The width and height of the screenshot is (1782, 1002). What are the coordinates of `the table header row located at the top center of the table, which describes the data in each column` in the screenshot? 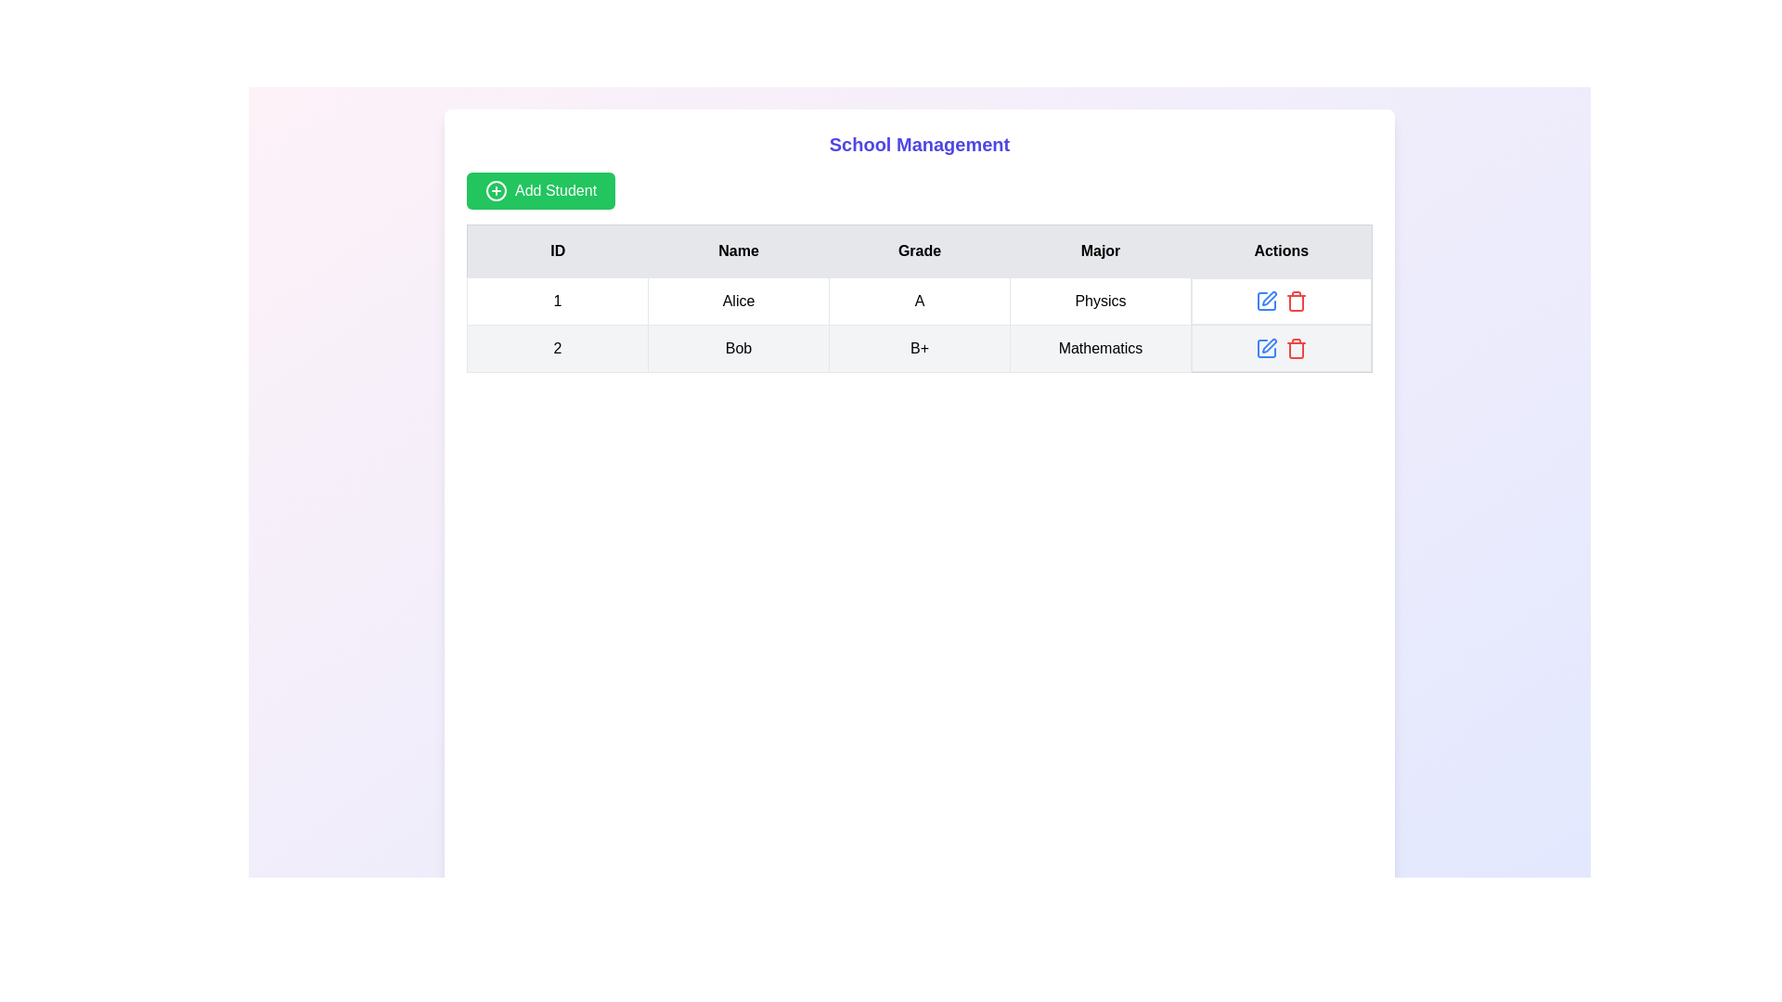 It's located at (919, 250).